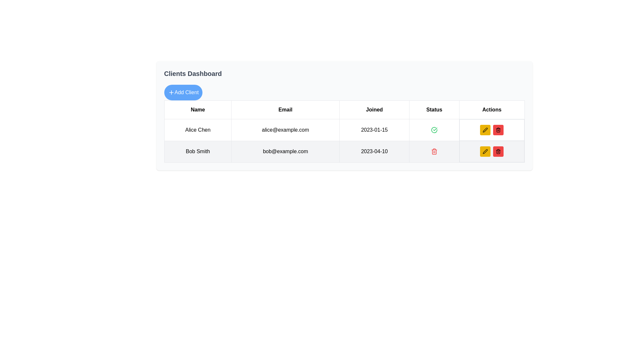 This screenshot has width=627, height=352. Describe the element at coordinates (197, 152) in the screenshot. I see `the text 'Bob Smith' in the table cell located in the second row under the 'Name' column, which is centered within a bordered box` at that location.